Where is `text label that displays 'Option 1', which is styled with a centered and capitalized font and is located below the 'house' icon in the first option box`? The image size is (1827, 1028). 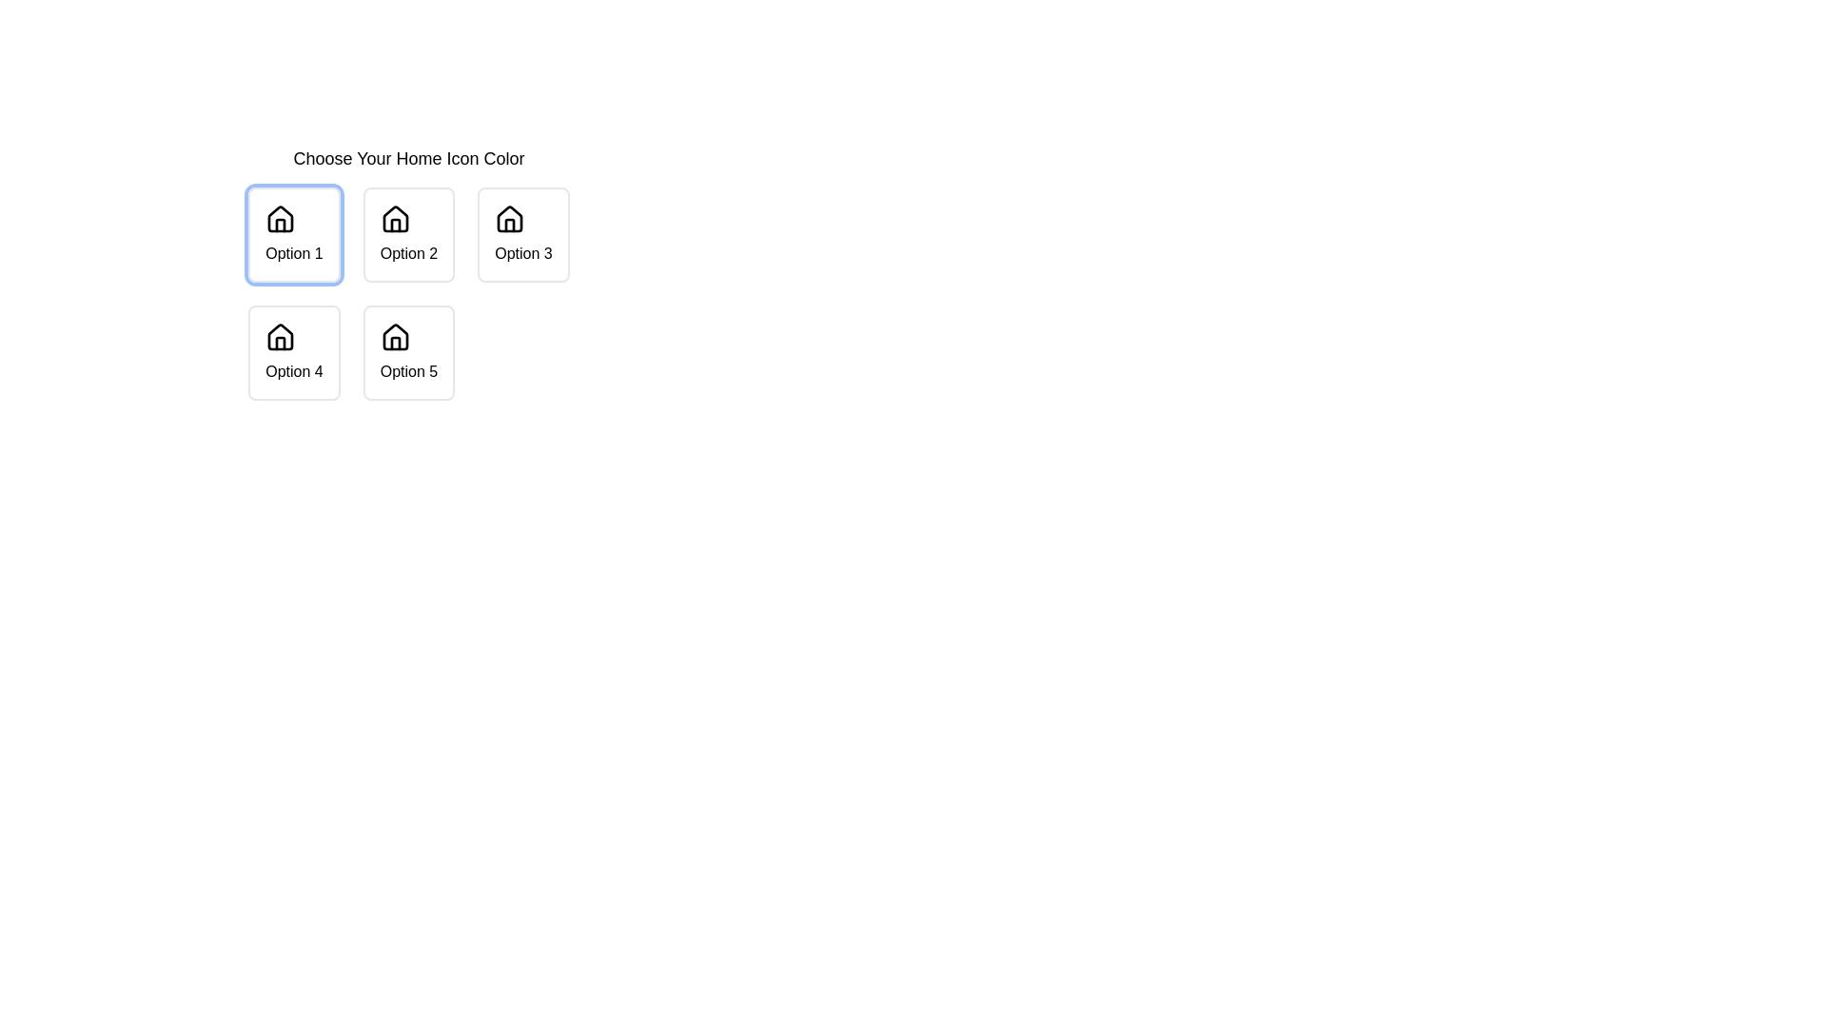
text label that displays 'Option 1', which is styled with a centered and capitalized font and is located below the 'house' icon in the first option box is located at coordinates (293, 252).